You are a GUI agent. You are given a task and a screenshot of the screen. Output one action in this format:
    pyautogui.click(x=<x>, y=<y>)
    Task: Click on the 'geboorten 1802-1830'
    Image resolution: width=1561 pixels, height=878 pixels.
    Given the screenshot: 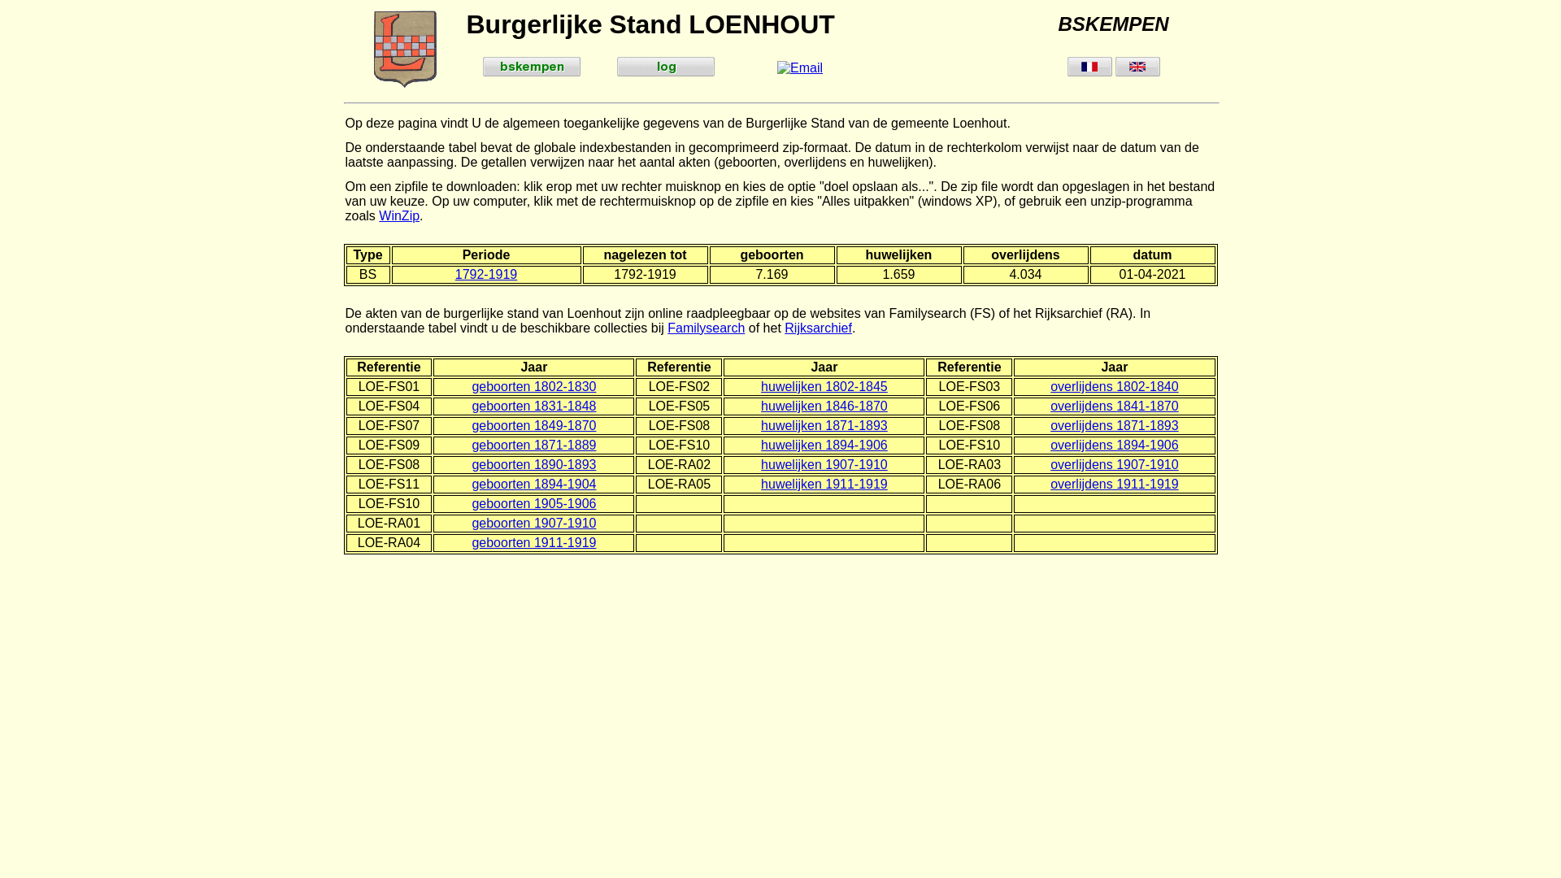 What is the action you would take?
    pyautogui.click(x=533, y=386)
    